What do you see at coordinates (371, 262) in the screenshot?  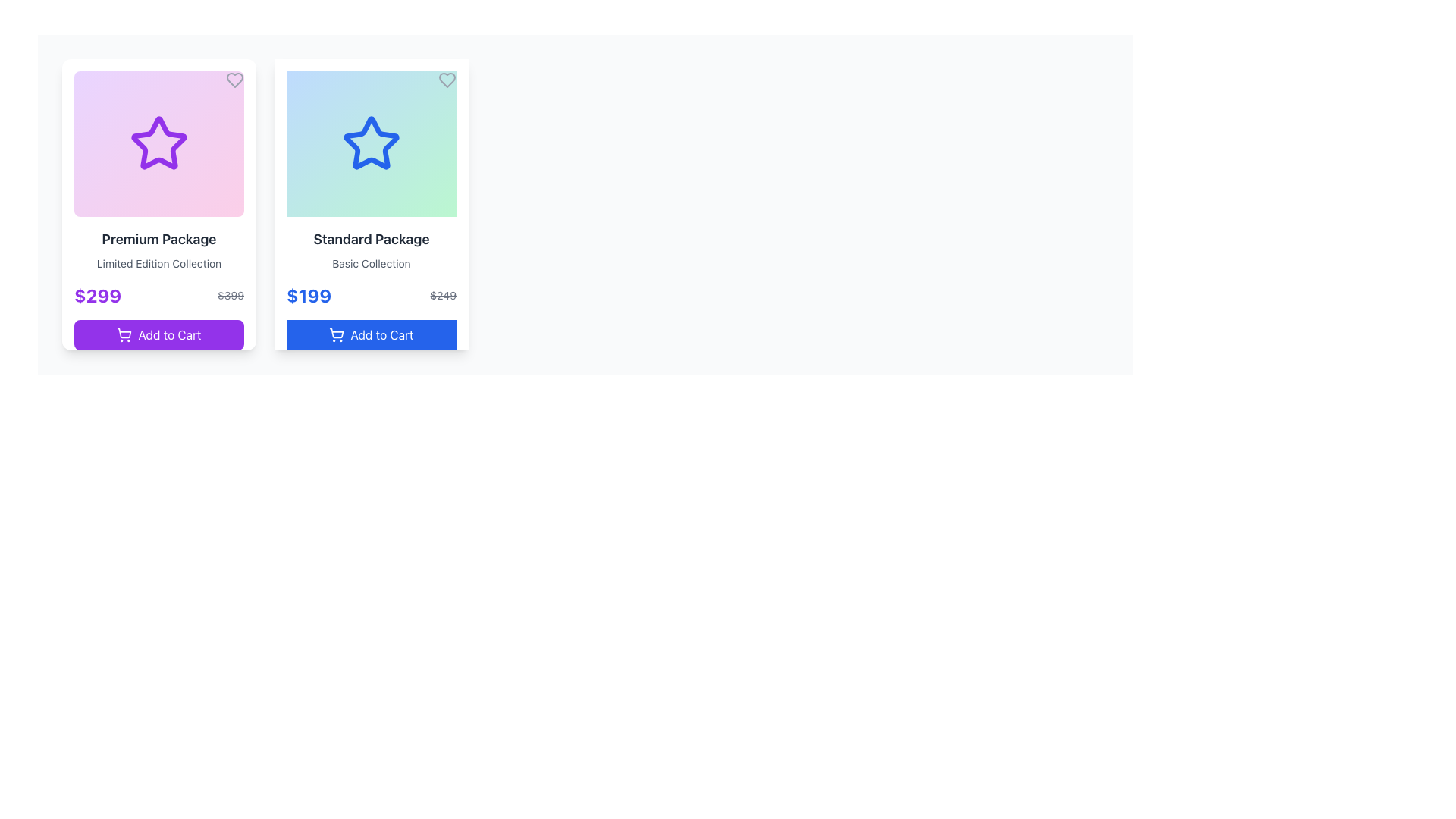 I see `text element labeled 'Basic Collection', which is styled in a smaller, lighter gray font and positioned below 'Standard Package' and above the pricing information` at bounding box center [371, 262].